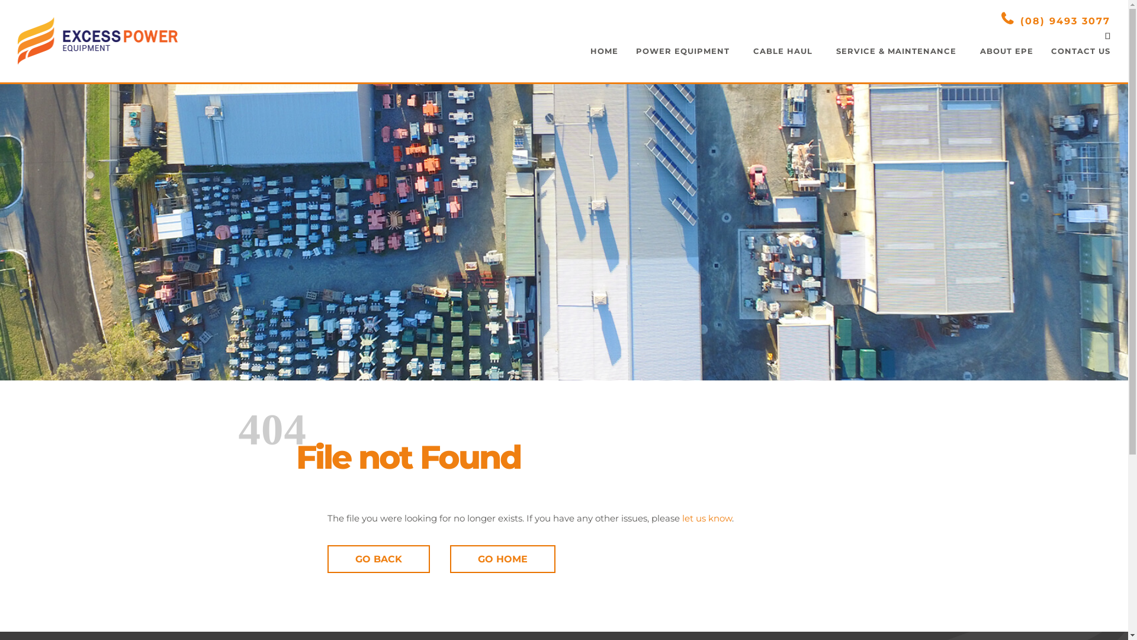  Describe the element at coordinates (896, 63) in the screenshot. I see `'SERVICE & MAINTENANCE'` at that location.